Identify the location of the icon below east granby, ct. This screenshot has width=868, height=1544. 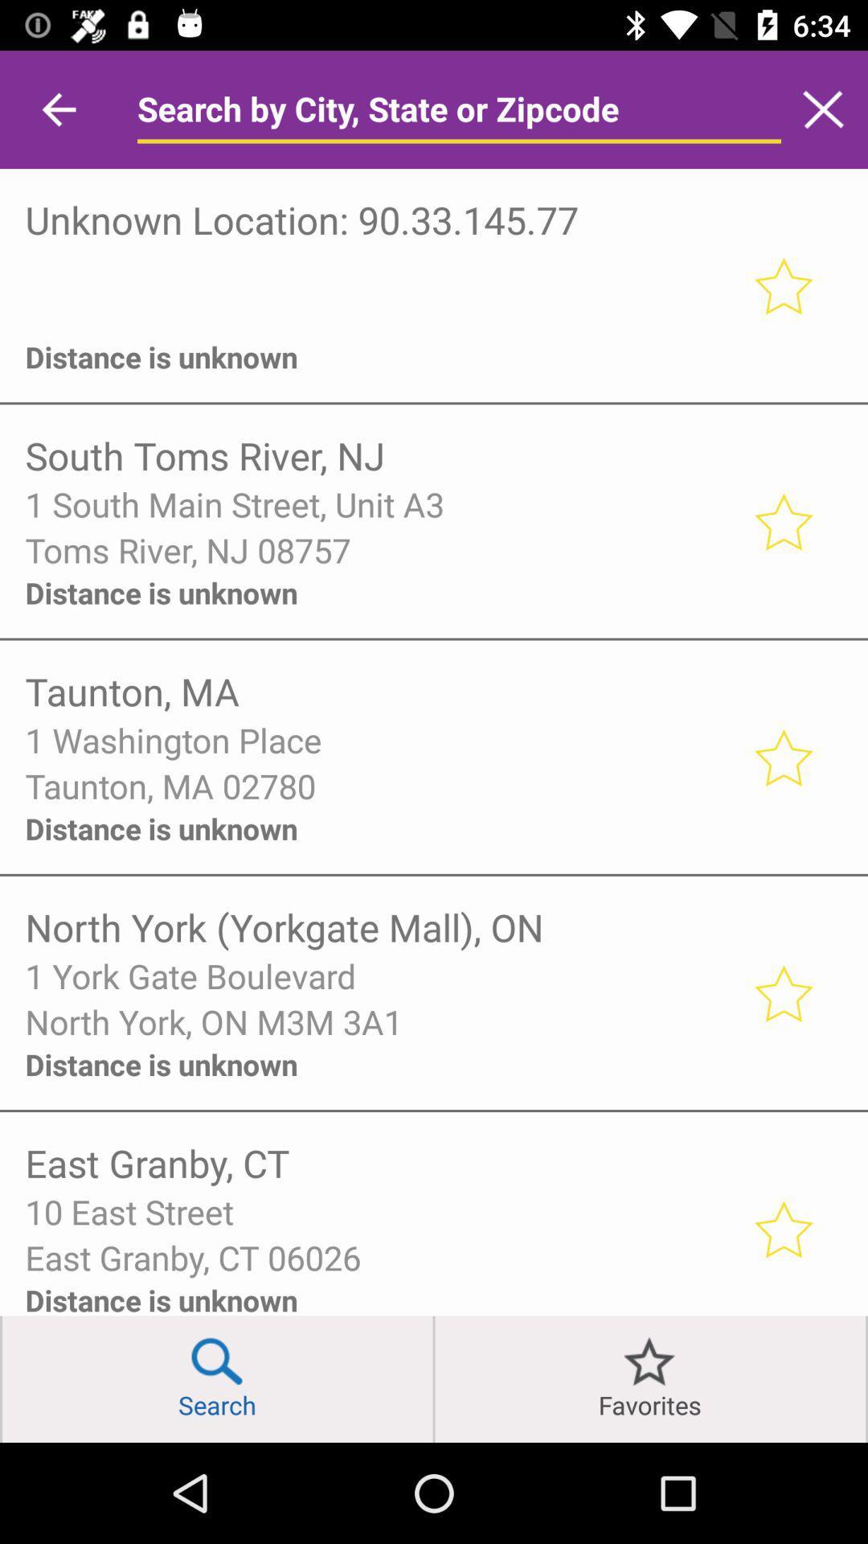
(378, 1211).